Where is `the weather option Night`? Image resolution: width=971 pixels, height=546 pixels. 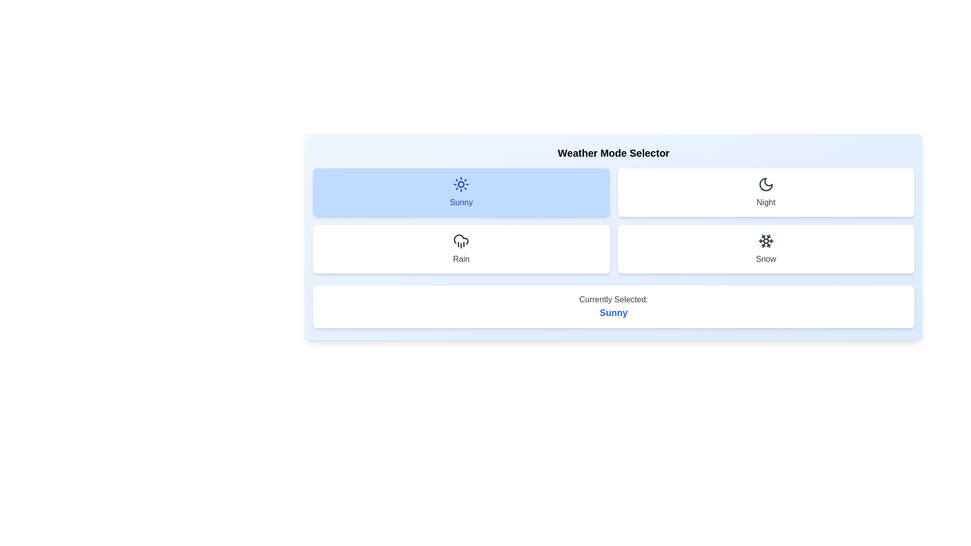 the weather option Night is located at coordinates (766, 193).